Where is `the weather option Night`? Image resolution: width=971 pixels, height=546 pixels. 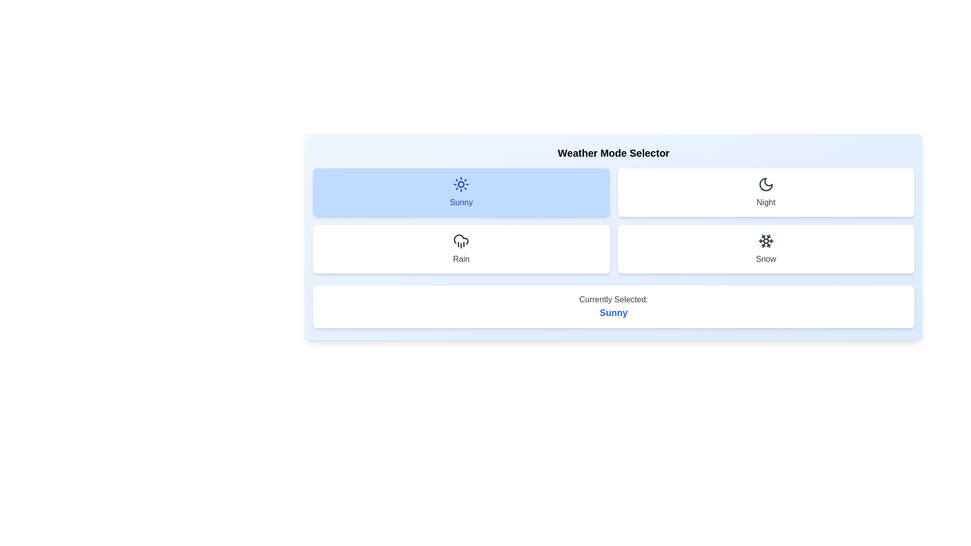 the weather option Night is located at coordinates (766, 193).